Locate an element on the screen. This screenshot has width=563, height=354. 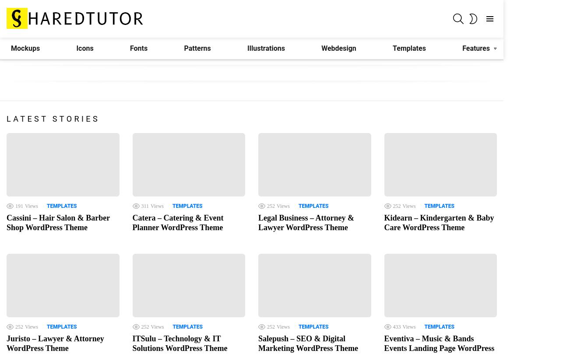
'Cassini – Hair Salon & Barber Shop WordPress Theme' is located at coordinates (58, 222).